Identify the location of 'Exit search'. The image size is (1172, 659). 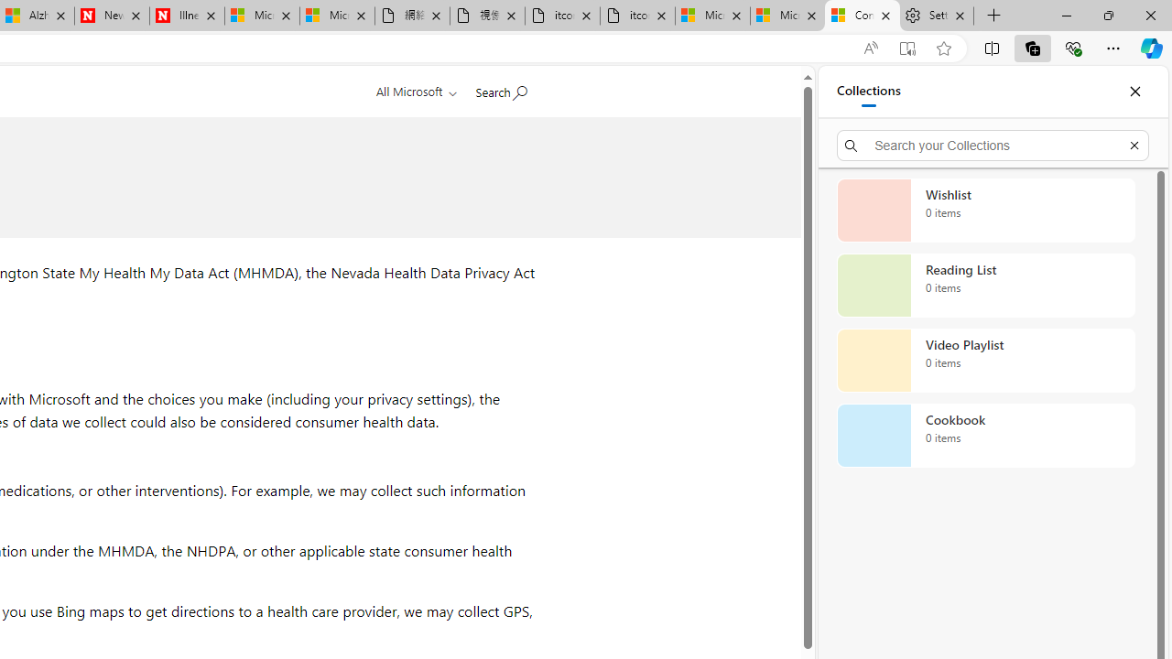
(1134, 145).